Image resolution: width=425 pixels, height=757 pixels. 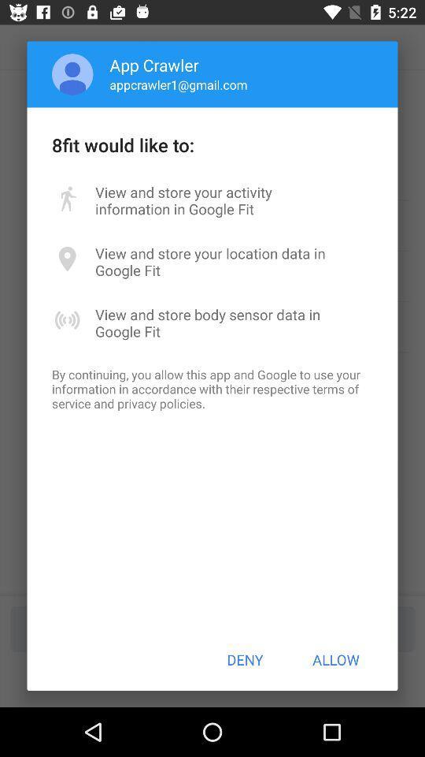 What do you see at coordinates (154, 65) in the screenshot?
I see `the item above appcrawler1@gmail.com` at bounding box center [154, 65].